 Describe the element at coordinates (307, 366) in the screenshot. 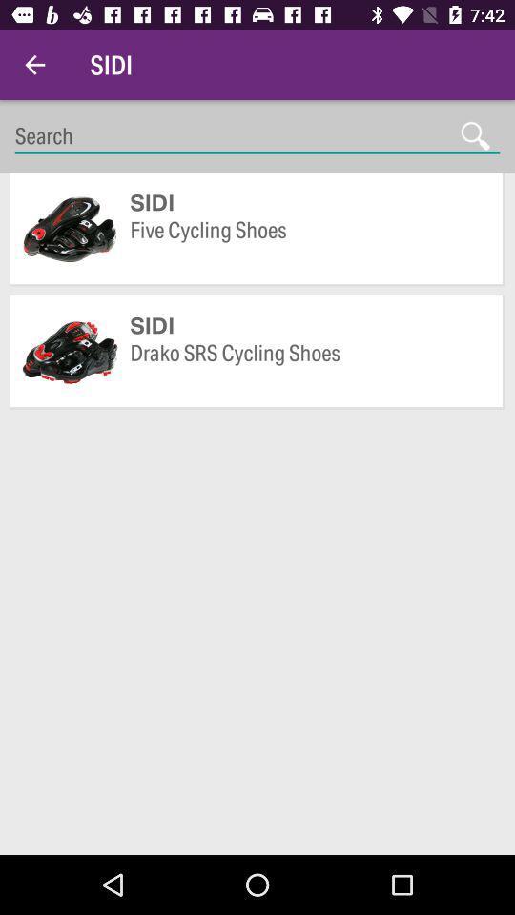

I see `item below sidi` at that location.